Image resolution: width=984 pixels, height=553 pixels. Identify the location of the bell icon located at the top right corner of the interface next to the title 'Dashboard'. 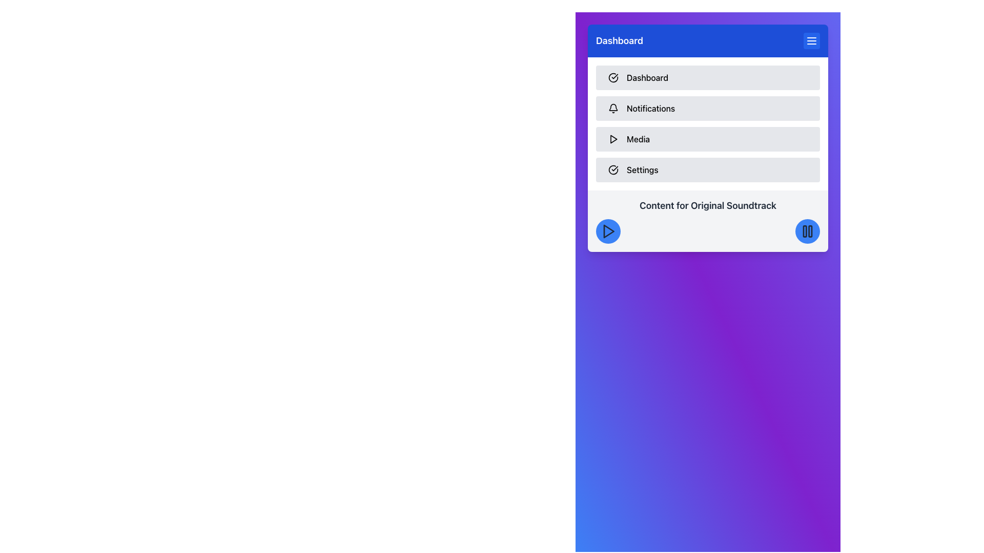
(613, 107).